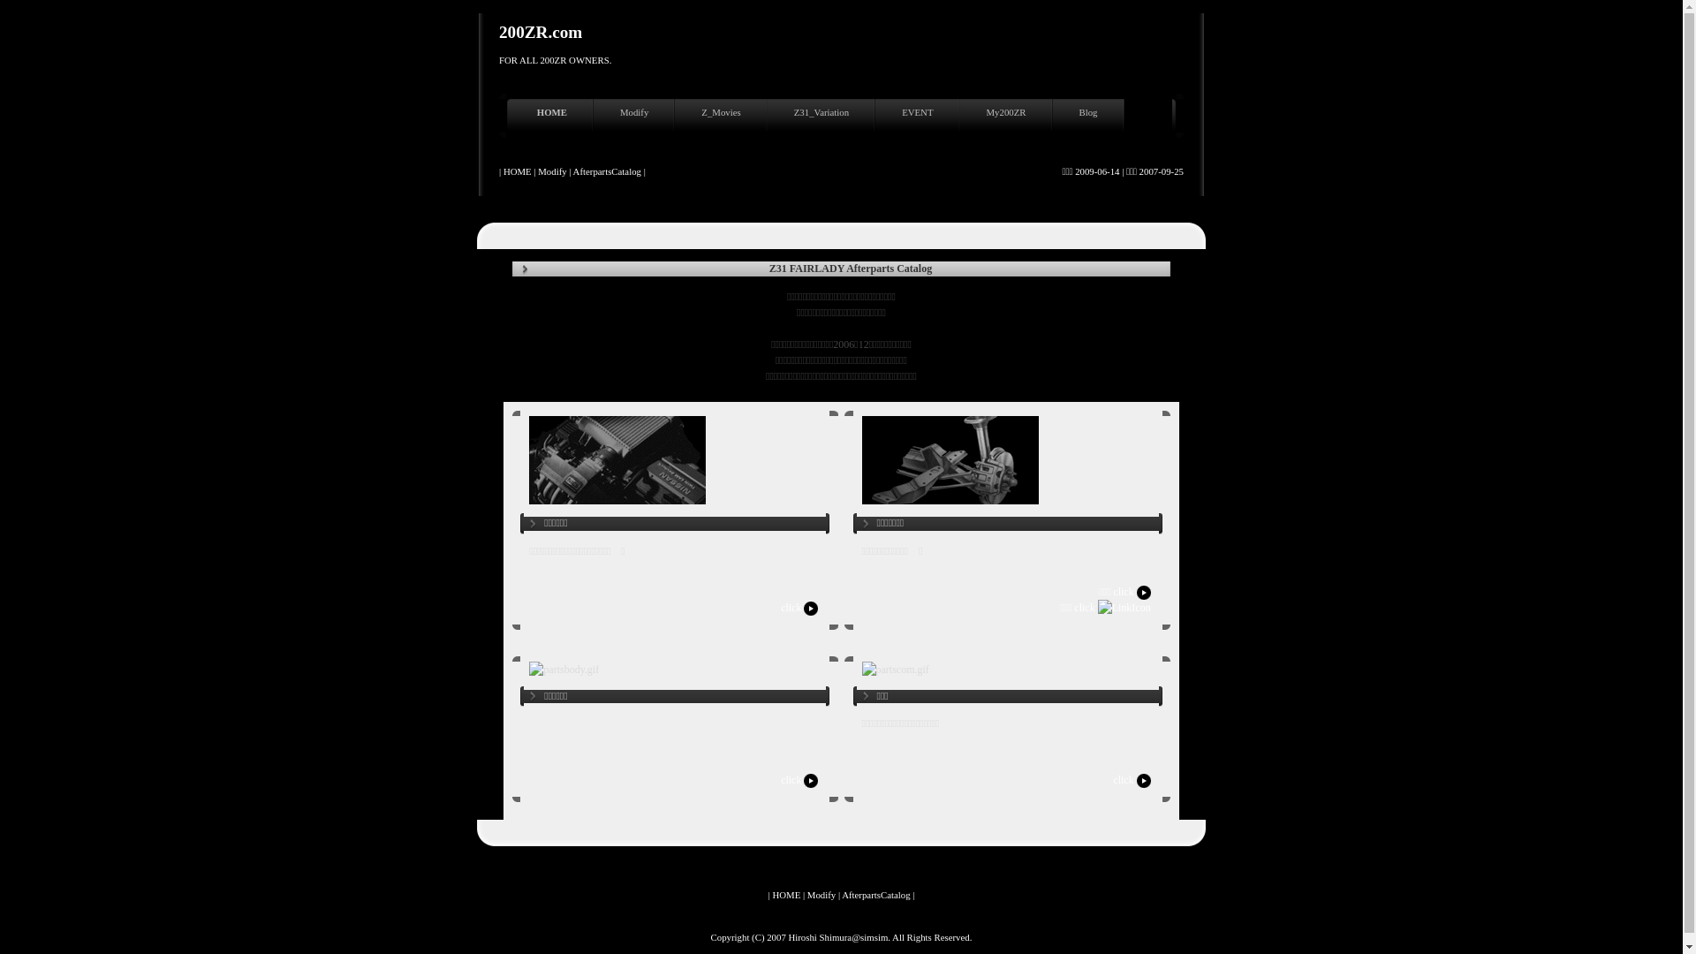 Image resolution: width=1696 pixels, height=954 pixels. Describe the element at coordinates (784, 893) in the screenshot. I see `'HOME'` at that location.